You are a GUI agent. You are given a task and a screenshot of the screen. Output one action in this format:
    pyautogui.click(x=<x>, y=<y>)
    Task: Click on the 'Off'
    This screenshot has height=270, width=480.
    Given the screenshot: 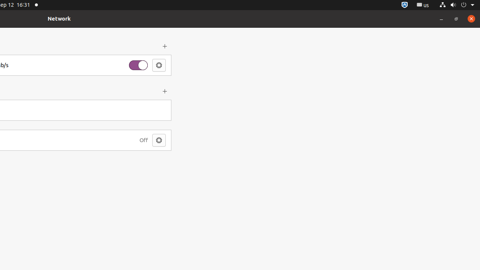 What is the action you would take?
    pyautogui.click(x=143, y=140)
    